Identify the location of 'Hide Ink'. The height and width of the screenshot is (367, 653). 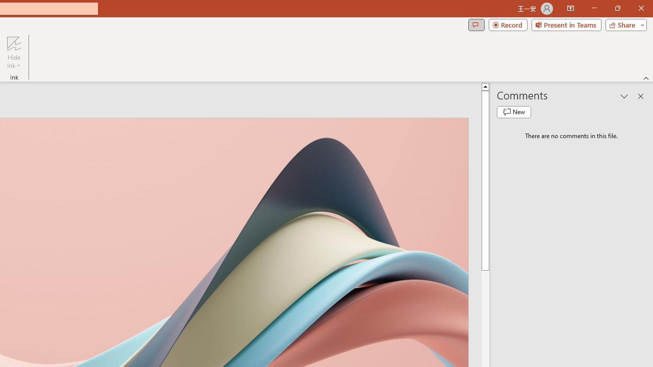
(14, 43).